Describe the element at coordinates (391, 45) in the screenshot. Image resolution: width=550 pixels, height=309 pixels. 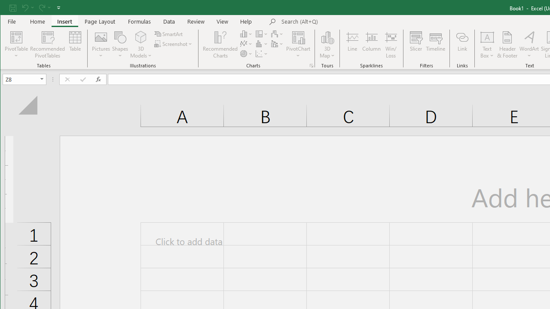
I see `'Win/Loss'` at that location.